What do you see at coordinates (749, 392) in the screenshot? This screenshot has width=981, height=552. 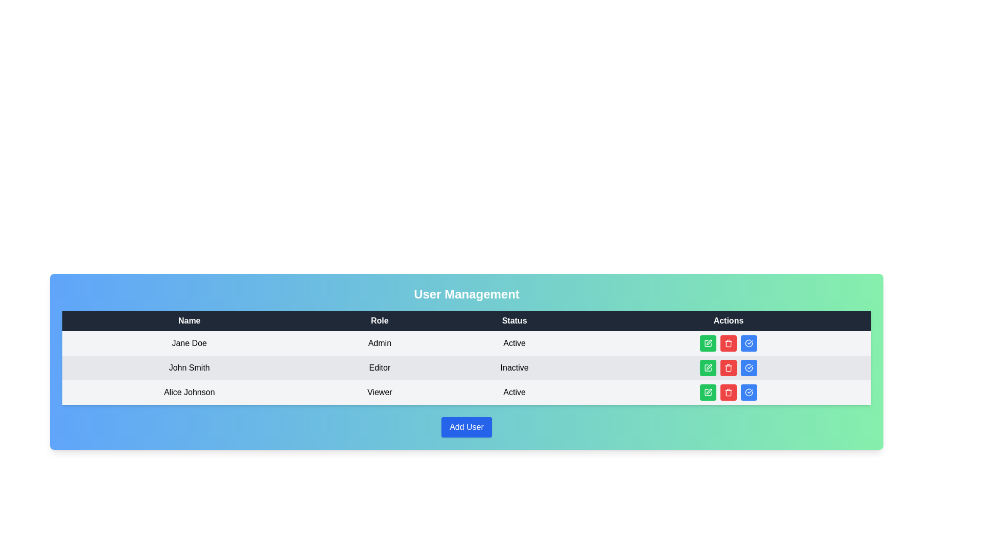 I see `the circular blue button with a white checkmark icon in the last row of the 'Actions' column corresponding to 'Alice Johnson'` at bounding box center [749, 392].